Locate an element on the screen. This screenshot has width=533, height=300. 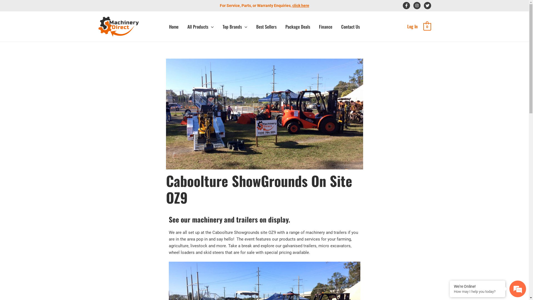
'Package Deals' is located at coordinates (281, 27).